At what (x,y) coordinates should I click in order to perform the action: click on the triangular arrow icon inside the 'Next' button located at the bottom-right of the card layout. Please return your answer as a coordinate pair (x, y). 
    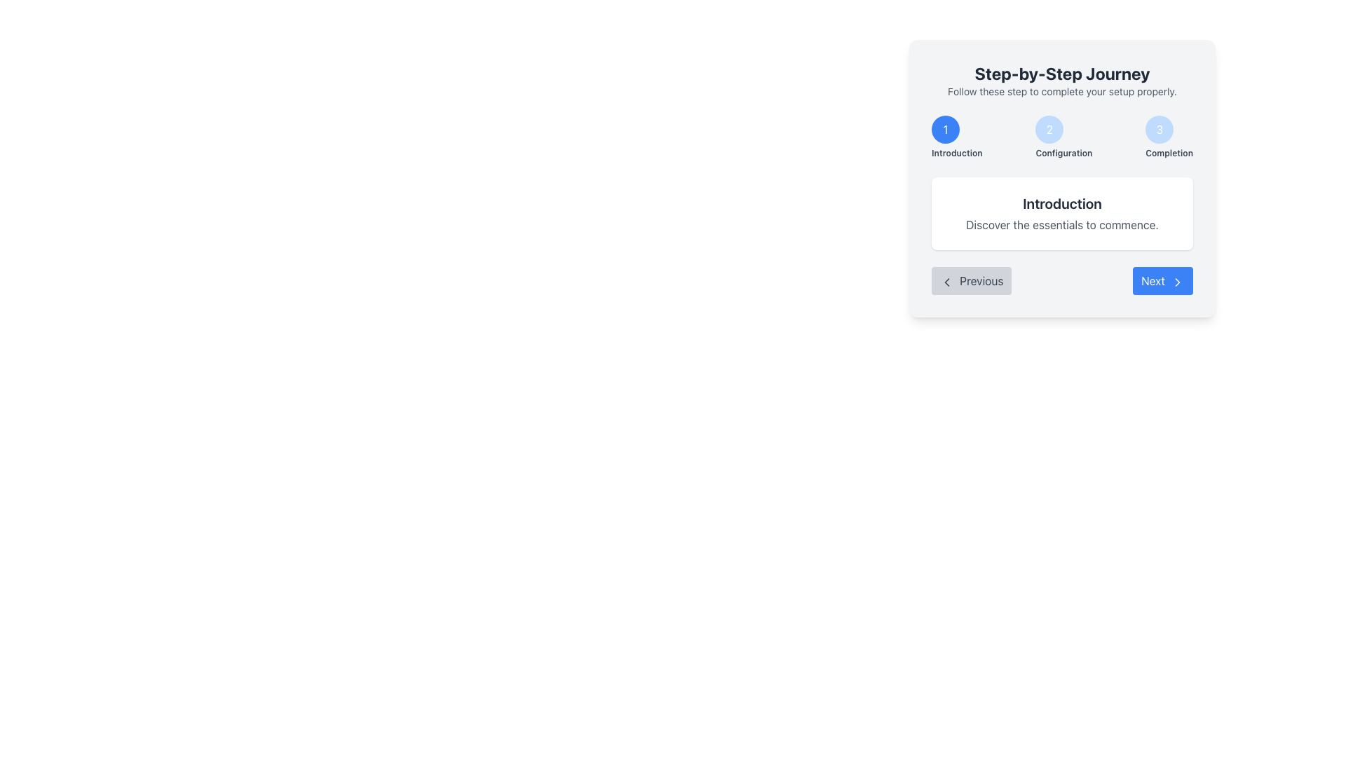
    Looking at the image, I should click on (1178, 281).